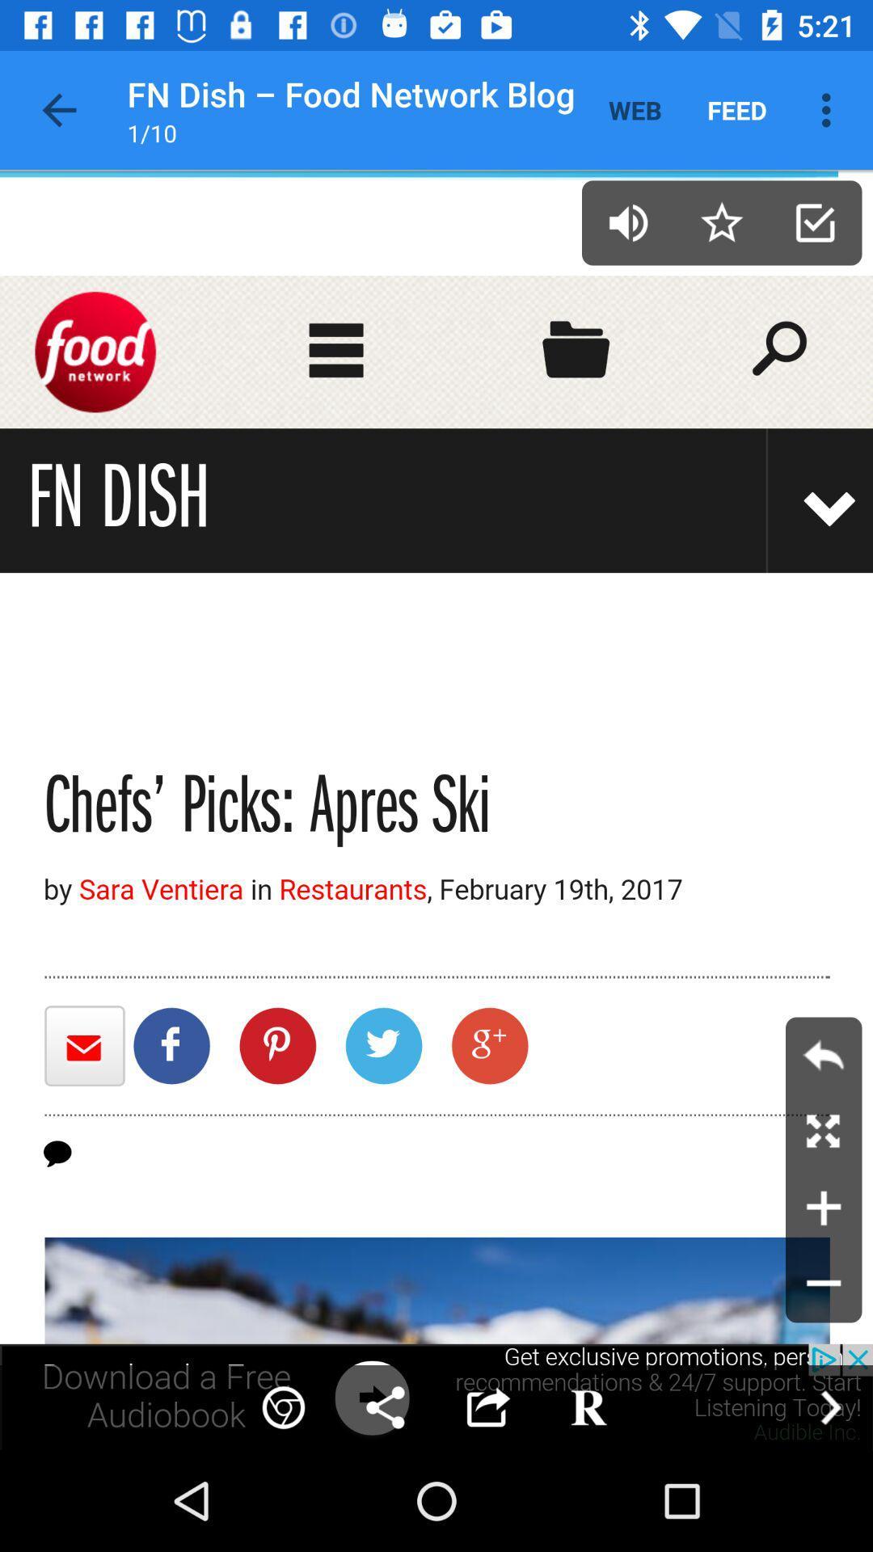 This screenshot has height=1552, width=873. I want to click on the check icon, so click(815, 221).